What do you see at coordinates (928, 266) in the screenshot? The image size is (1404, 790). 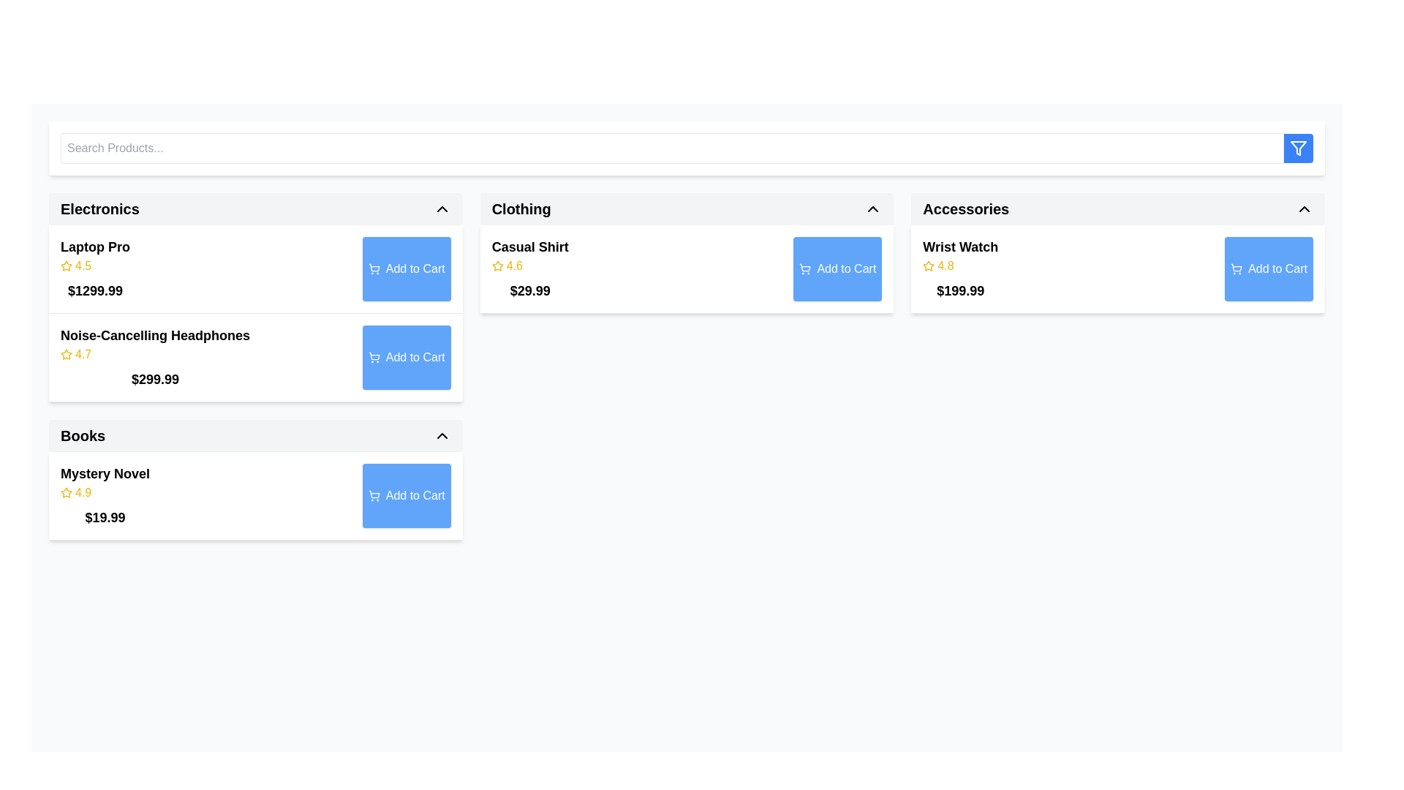 I see `the yellow star icon located next to the rating number '4.8' for the 'Wrist Watch' product in the 'Accessories' section` at bounding box center [928, 266].